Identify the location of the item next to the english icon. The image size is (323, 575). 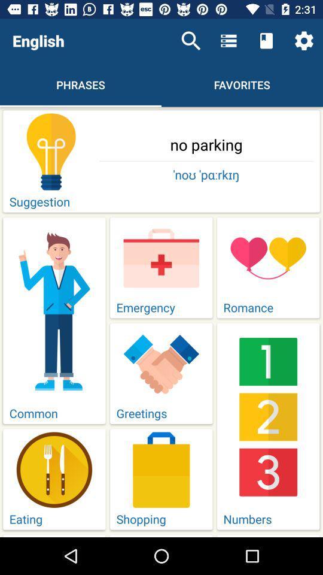
(191, 41).